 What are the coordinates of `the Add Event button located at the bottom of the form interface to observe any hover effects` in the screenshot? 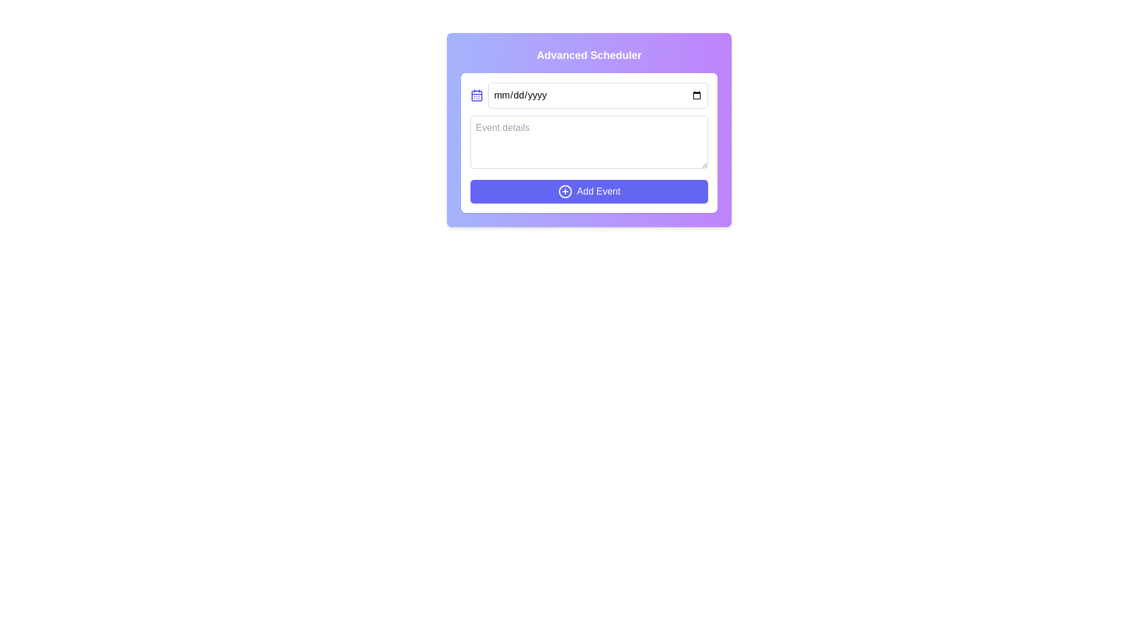 It's located at (589, 191).